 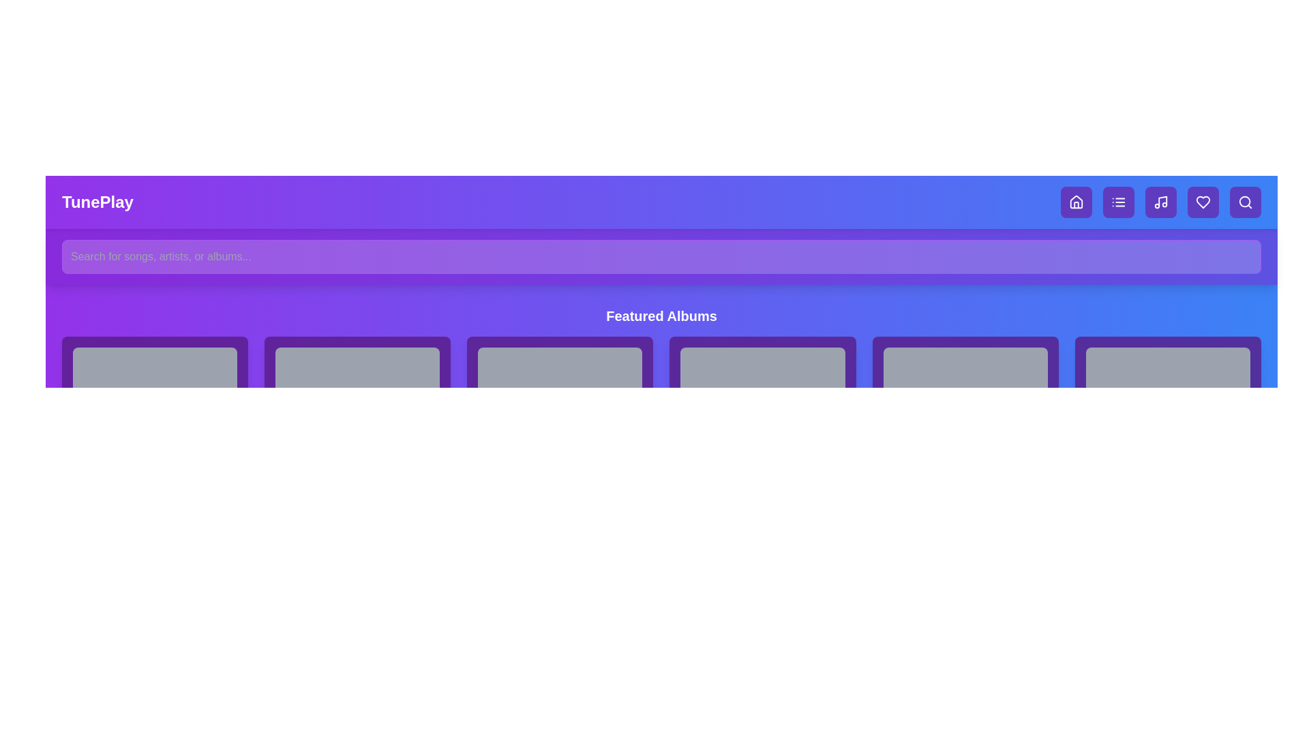 What do you see at coordinates (1160, 202) in the screenshot?
I see `the navigation button for music` at bounding box center [1160, 202].